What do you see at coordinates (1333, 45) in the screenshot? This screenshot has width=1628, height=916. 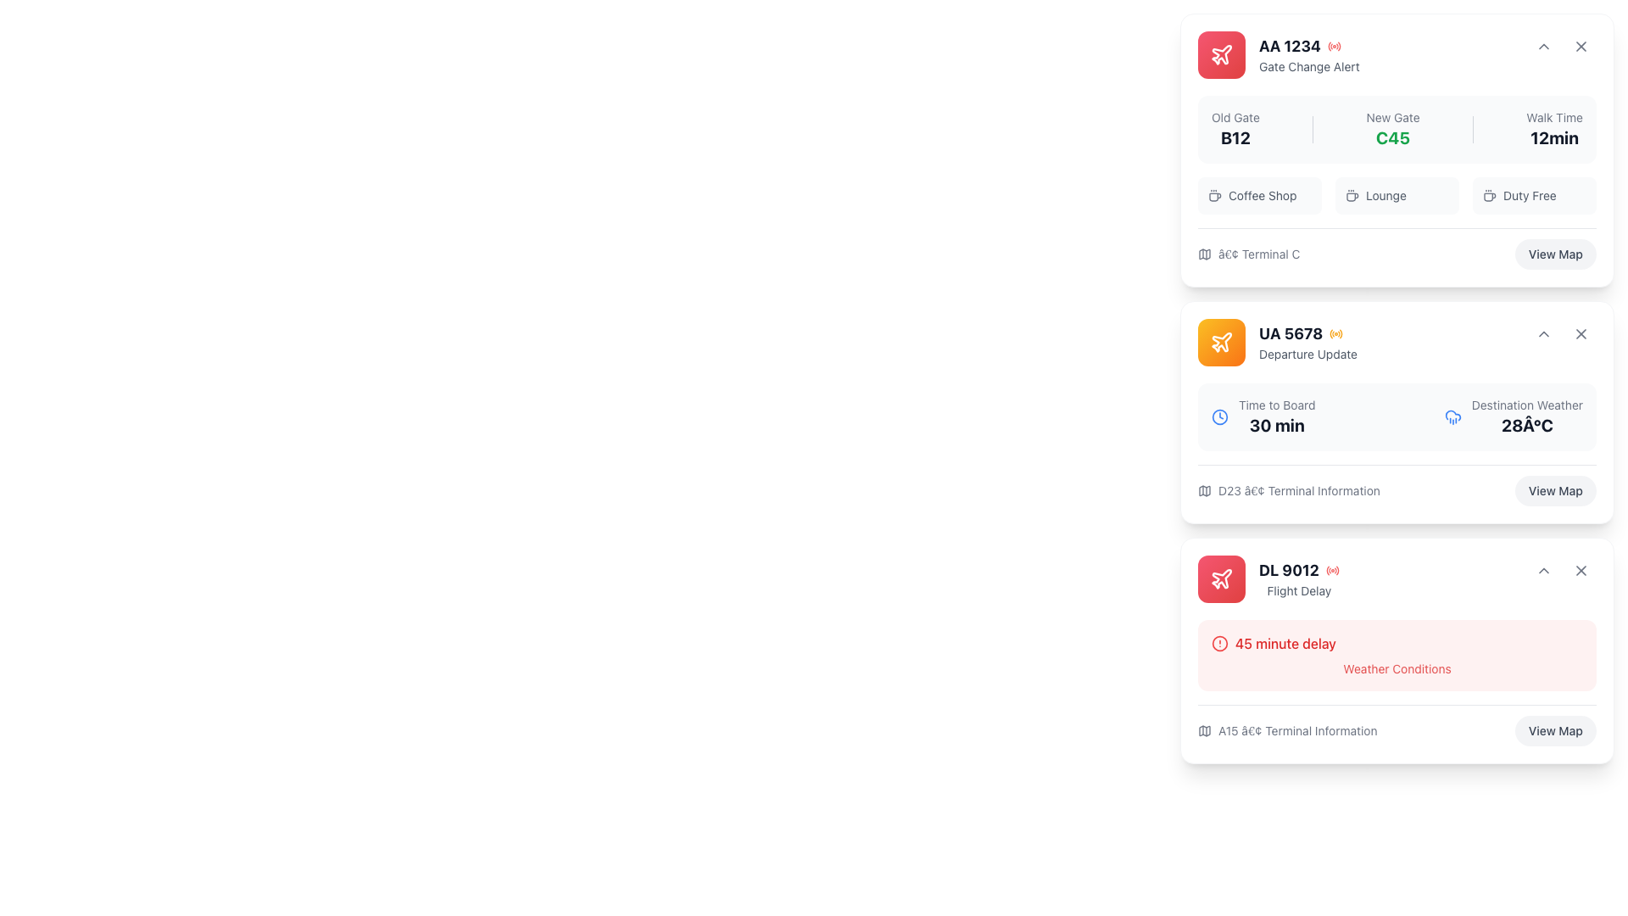 I see `the red circular radio icon with pulse animation located near the text label 'AA 1234' for accessibility purposes` at bounding box center [1333, 45].